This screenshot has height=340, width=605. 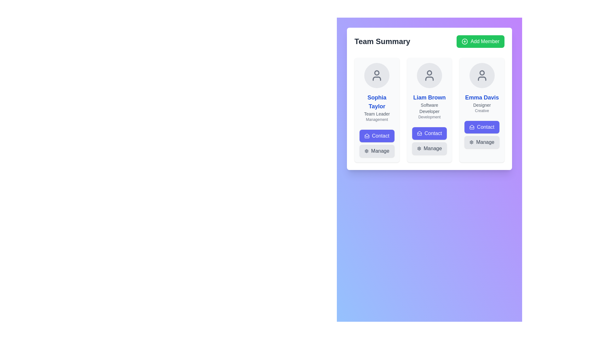 I want to click on the Text Label displaying 'Liam Brown' in blue, bold font, located at the top section of the middle card, below the avatar icon and above the job title 'Software Developer', so click(x=429, y=97).